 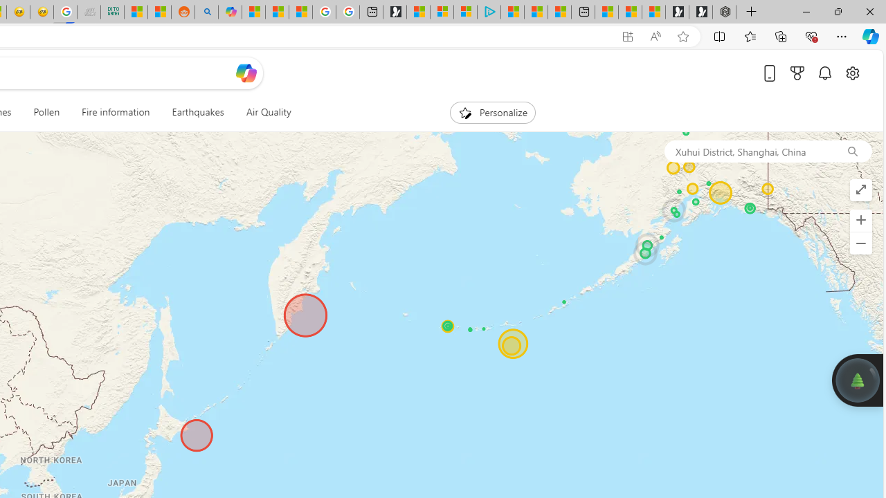 I want to click on 'Earthquakes', so click(x=197, y=112).